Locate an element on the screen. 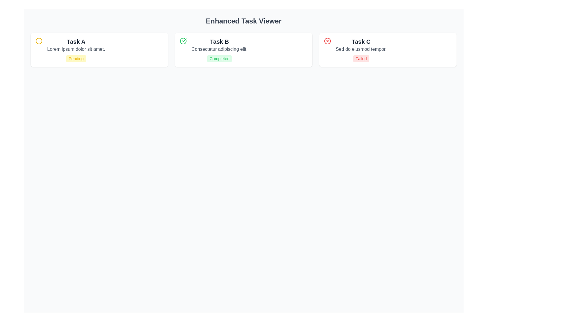  the 'Failed' badge located at the bottom of the 'Task C' card, which is styled with a light red background and contains the text 'Failed' in red is located at coordinates (361, 59).